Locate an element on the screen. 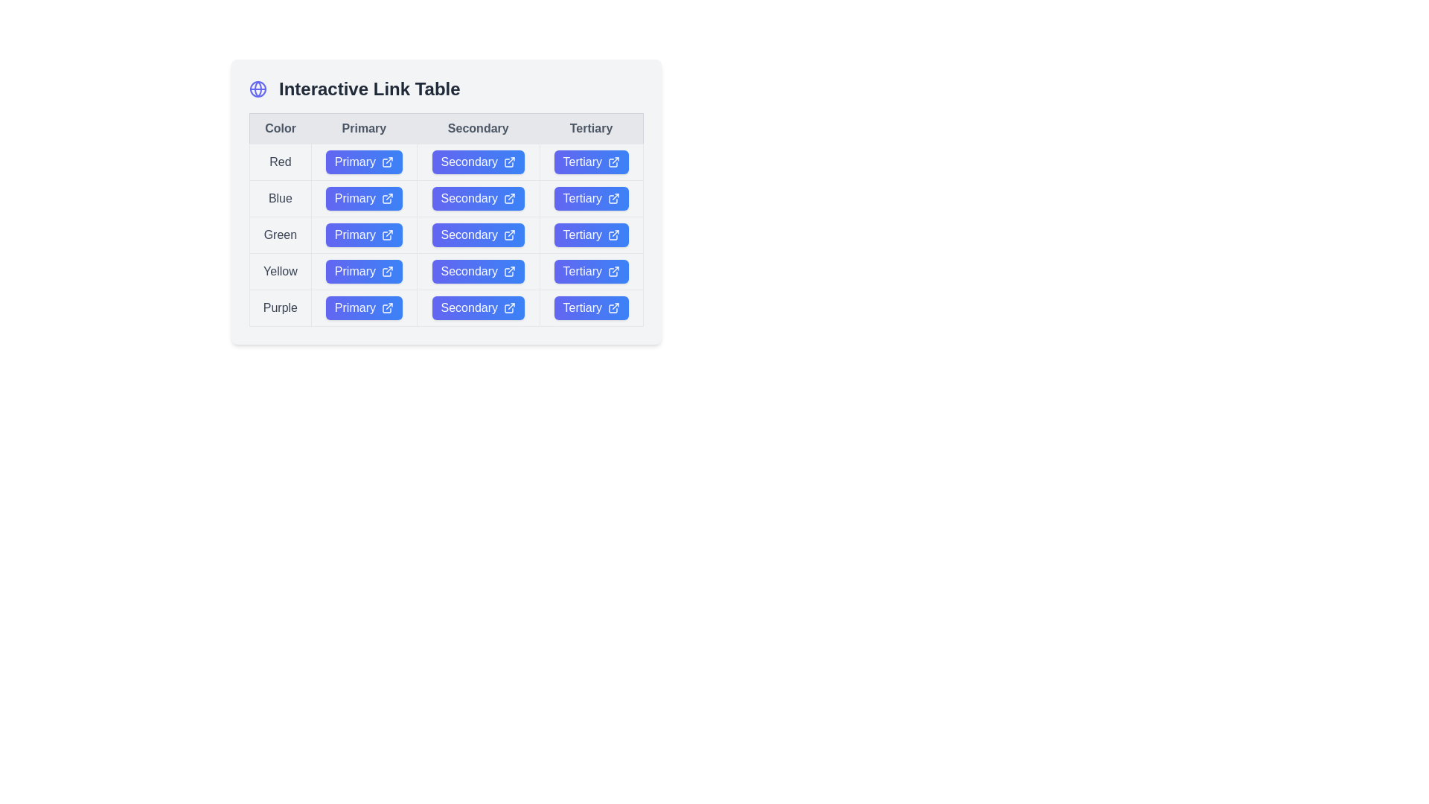  the 'Secondary' button located under the 'Secondary' column in the first row labeled 'Red' for keyboard interaction is located at coordinates (478, 162).